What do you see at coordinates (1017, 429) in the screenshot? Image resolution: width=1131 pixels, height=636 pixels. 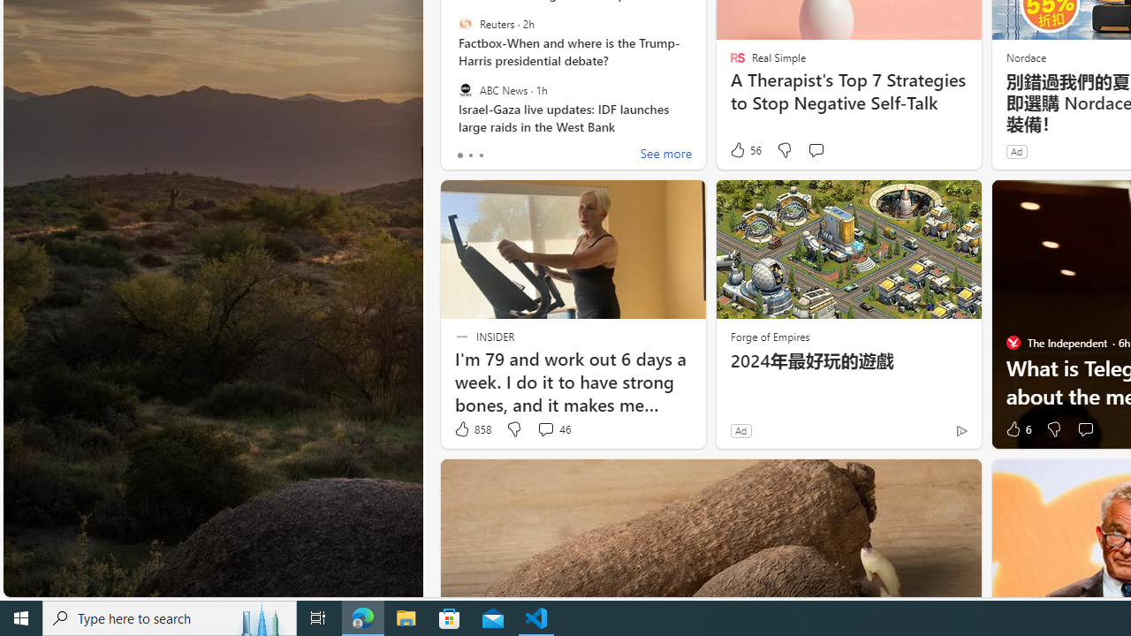 I see `'6 Like'` at bounding box center [1017, 429].